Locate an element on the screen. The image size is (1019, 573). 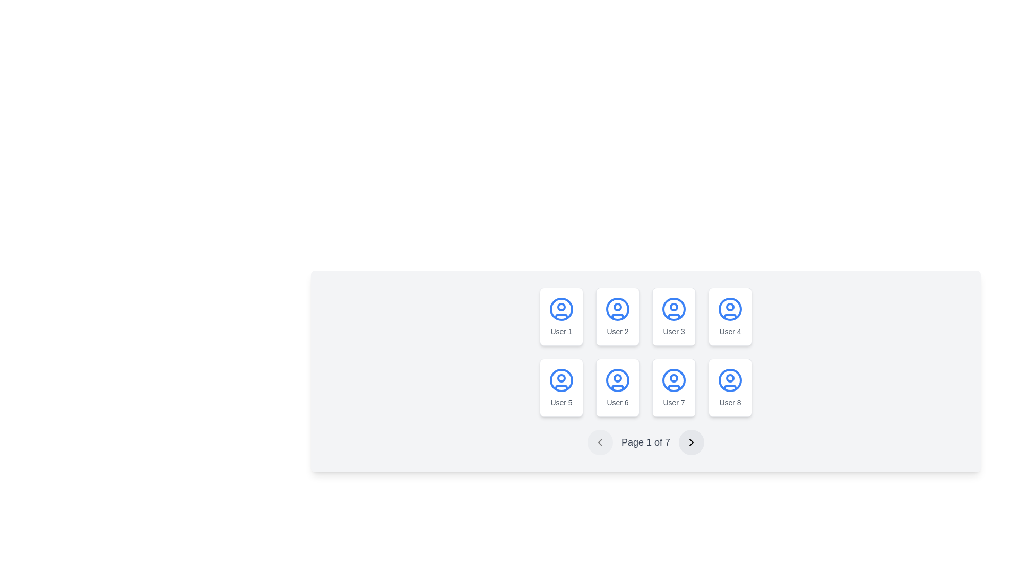
the user profile icon representing 'User 1' located in the top-left corner of the user icon grid is located at coordinates (560, 309).